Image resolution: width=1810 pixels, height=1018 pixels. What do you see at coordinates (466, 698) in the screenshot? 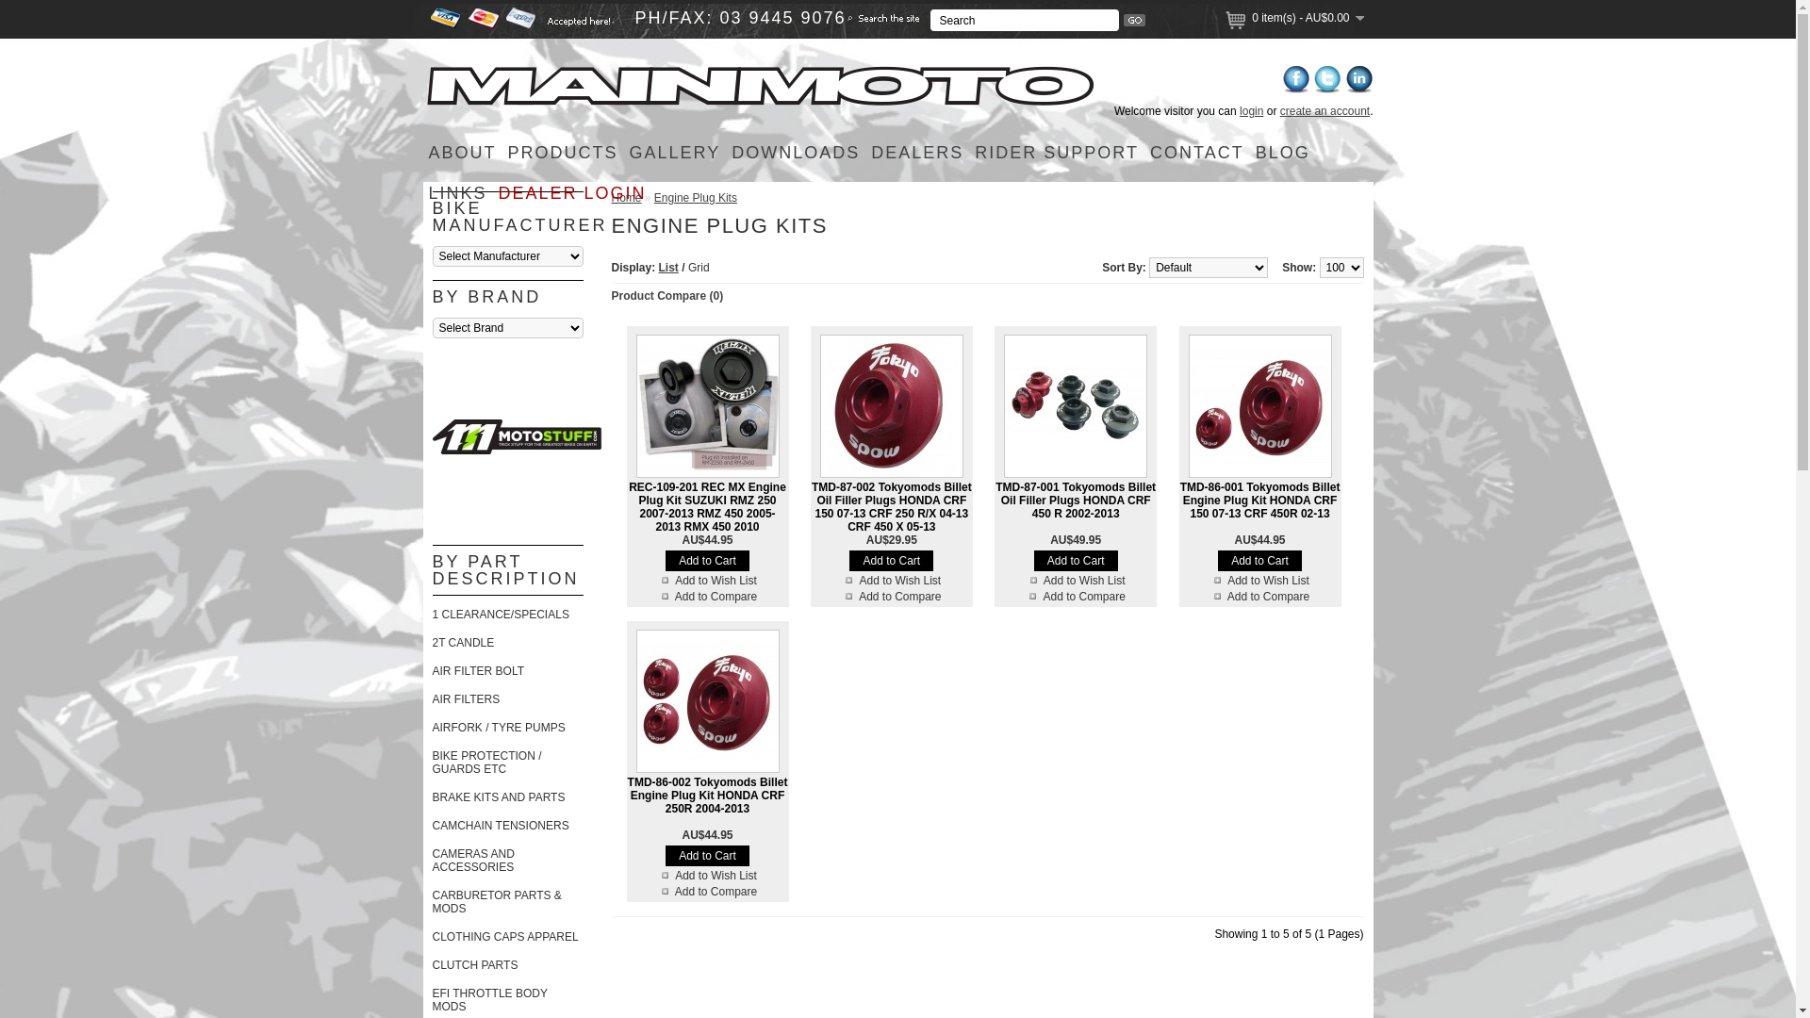
I see `'AIR FILTERS'` at bounding box center [466, 698].